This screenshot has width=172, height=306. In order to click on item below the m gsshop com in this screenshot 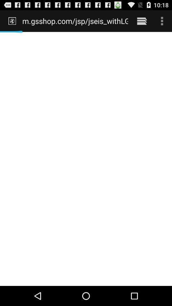, I will do `click(86, 158)`.